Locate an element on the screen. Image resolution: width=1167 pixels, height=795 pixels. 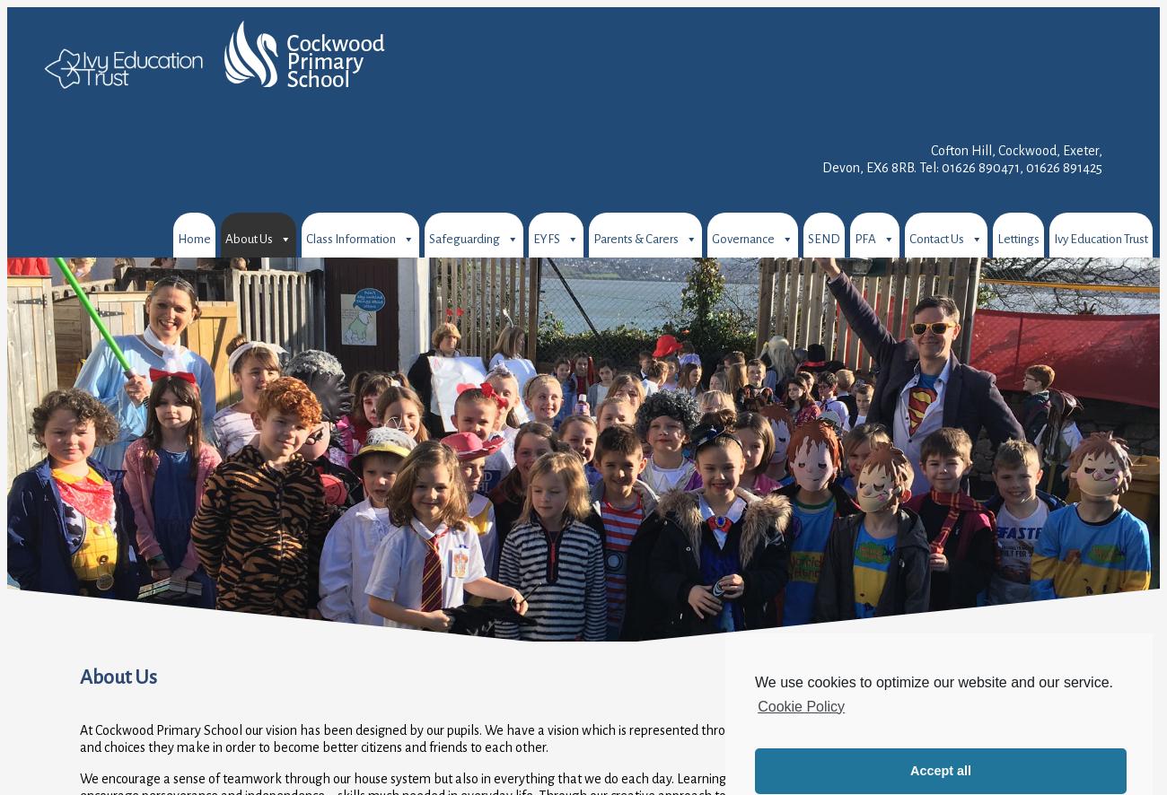
'Home' is located at coordinates (194, 239).